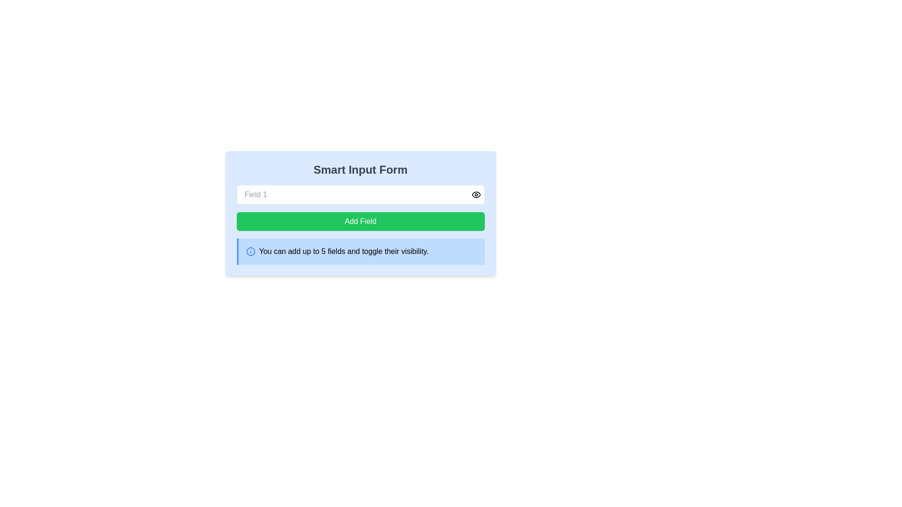 The width and height of the screenshot is (902, 507). Describe the element at coordinates (360, 251) in the screenshot. I see `the Informational Banner that has a light blue background and contains the text 'You can add up to 5 fields and toggle their visibility.'` at that location.